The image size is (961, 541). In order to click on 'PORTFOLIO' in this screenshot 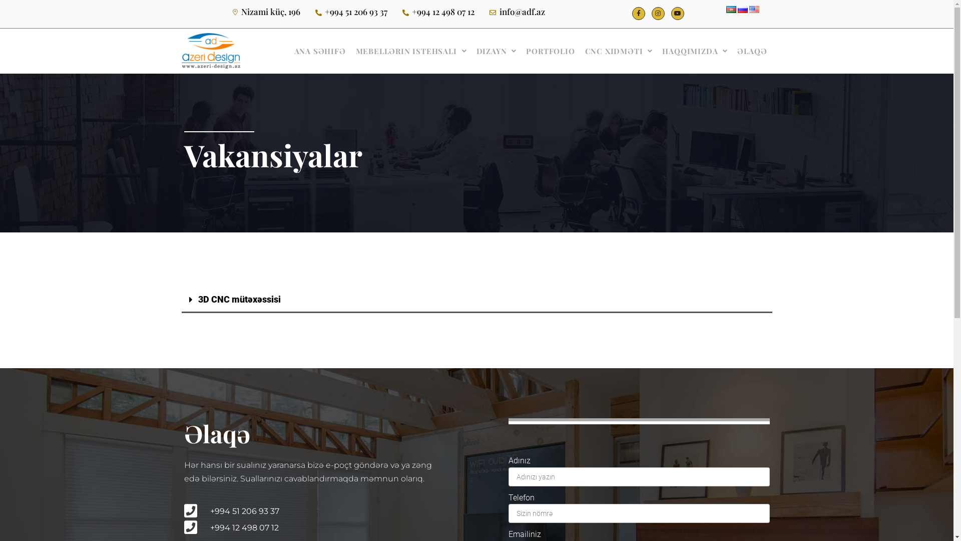, I will do `click(521, 51)`.